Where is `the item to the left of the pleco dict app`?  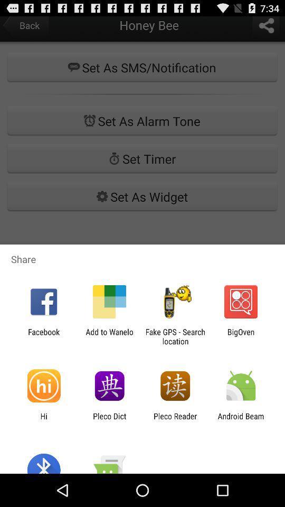
the item to the left of the pleco dict app is located at coordinates (43, 420).